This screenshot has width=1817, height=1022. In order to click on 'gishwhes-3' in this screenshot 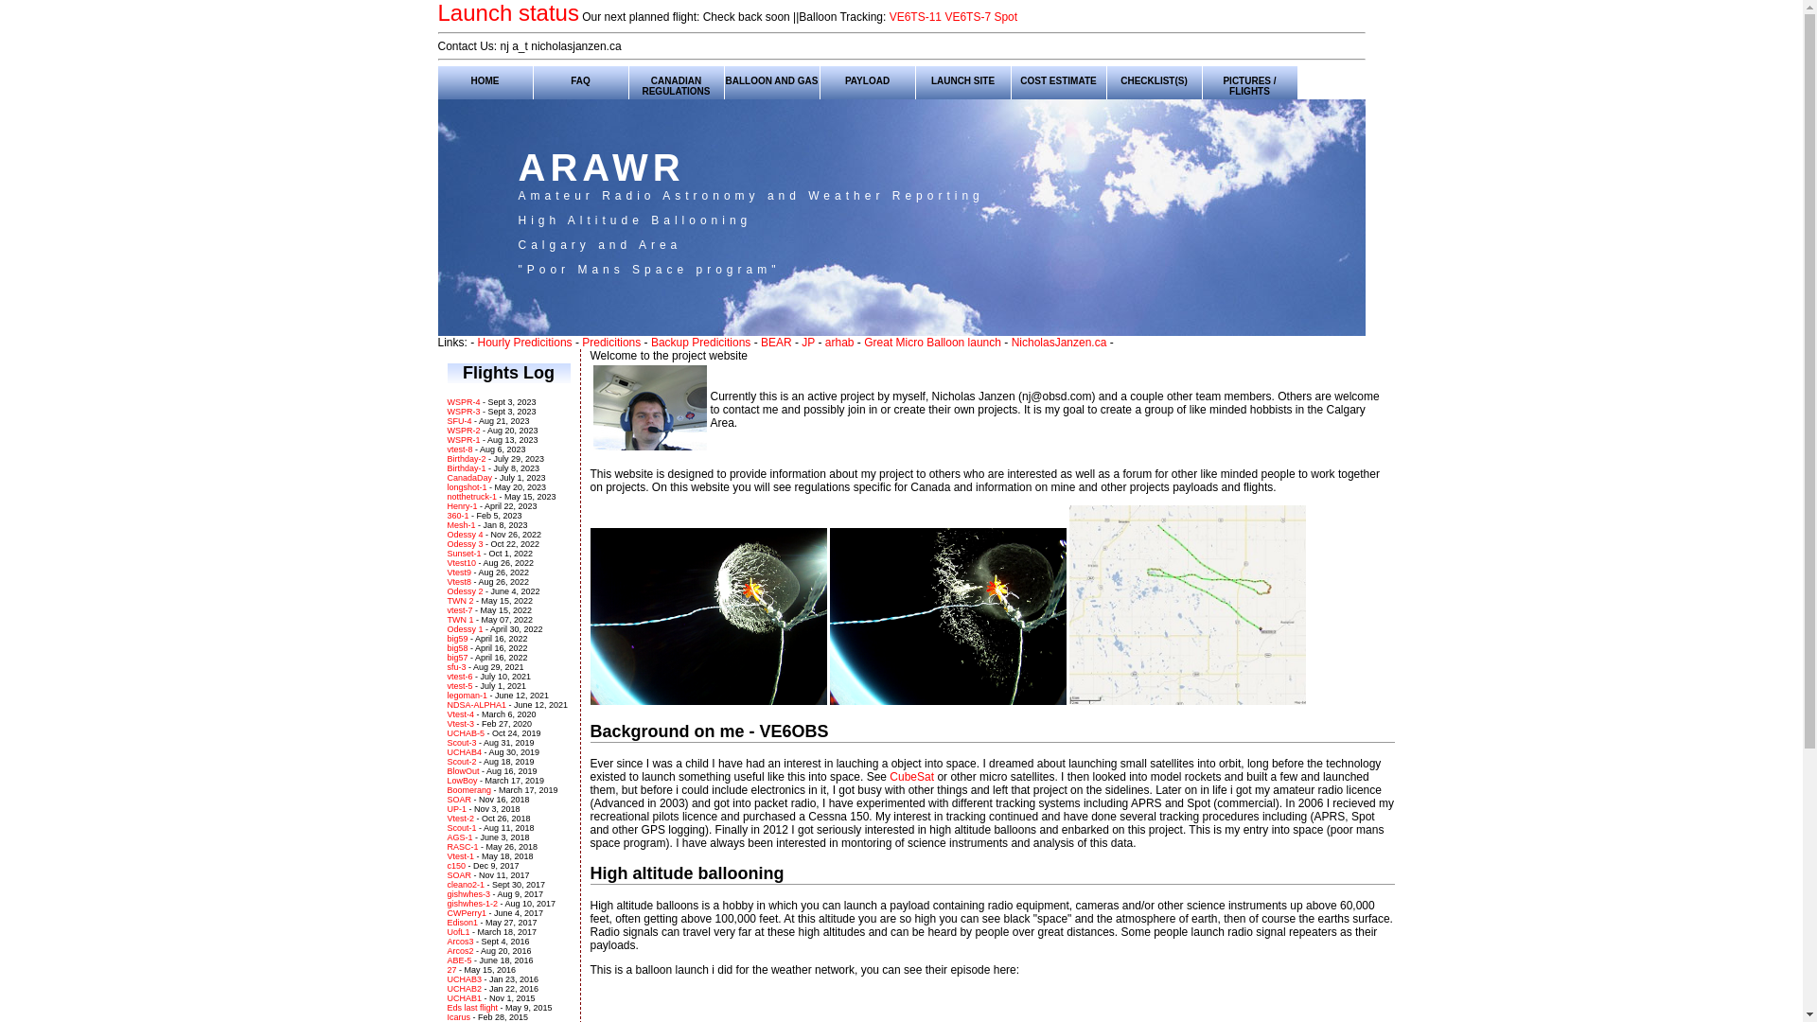, I will do `click(467, 894)`.